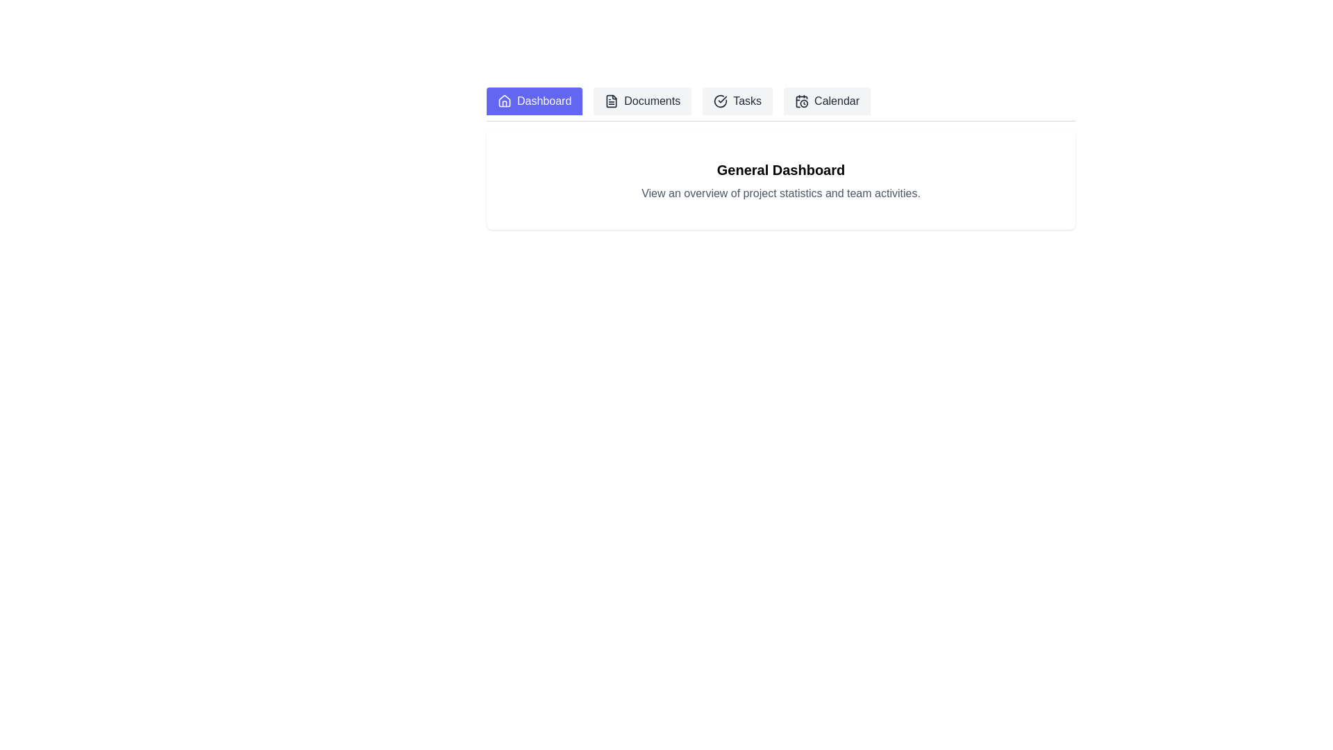 This screenshot has height=750, width=1333. Describe the element at coordinates (802, 101) in the screenshot. I see `the 'Calendar' icon in the top-right navigation bar` at that location.